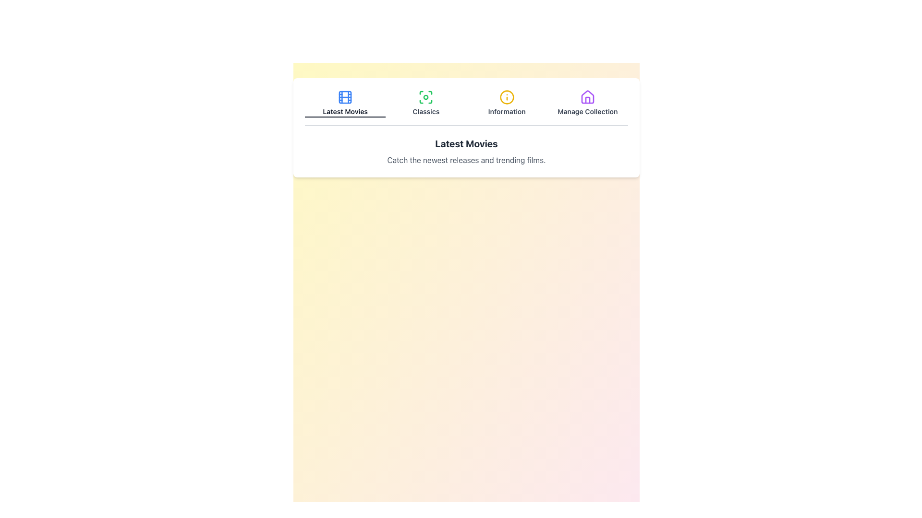  I want to click on the circular icon with a yellow outline containing an uppercase 'I' and a yellow dot above it, located in the navigation menu at the top-center, specifically the third icon from the left labeled 'Information', so click(506, 97).